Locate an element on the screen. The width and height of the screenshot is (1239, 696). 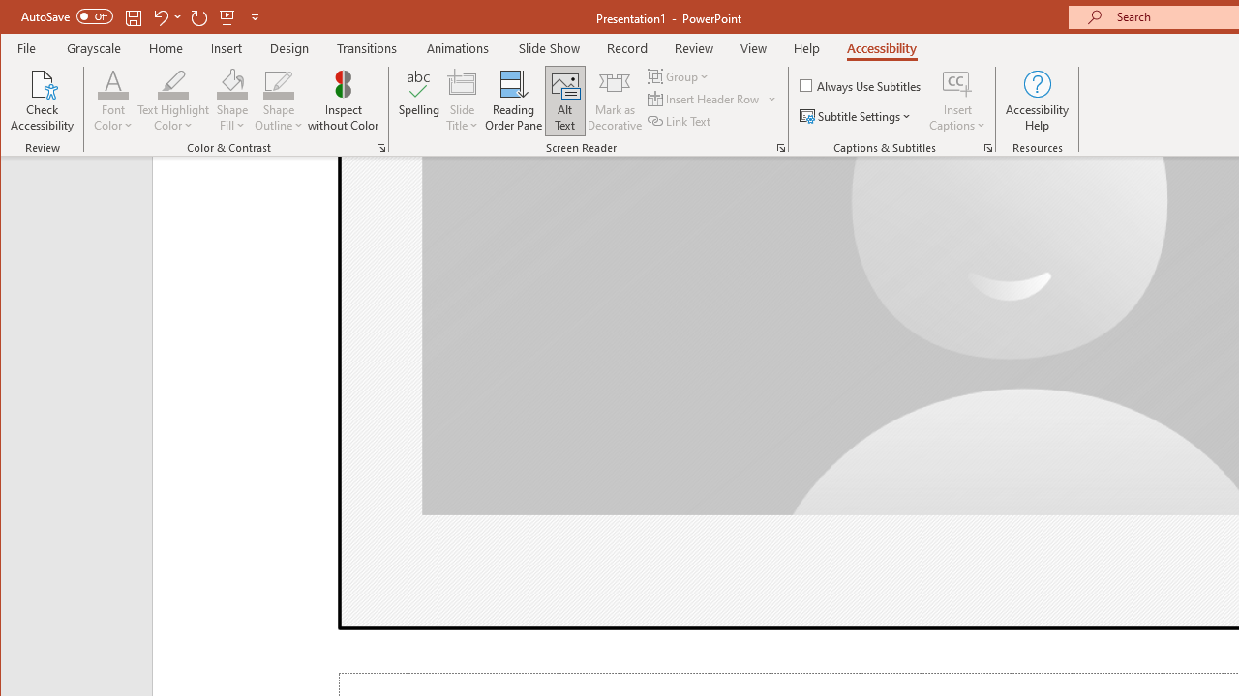
'Inspect without Color' is located at coordinates (344, 101).